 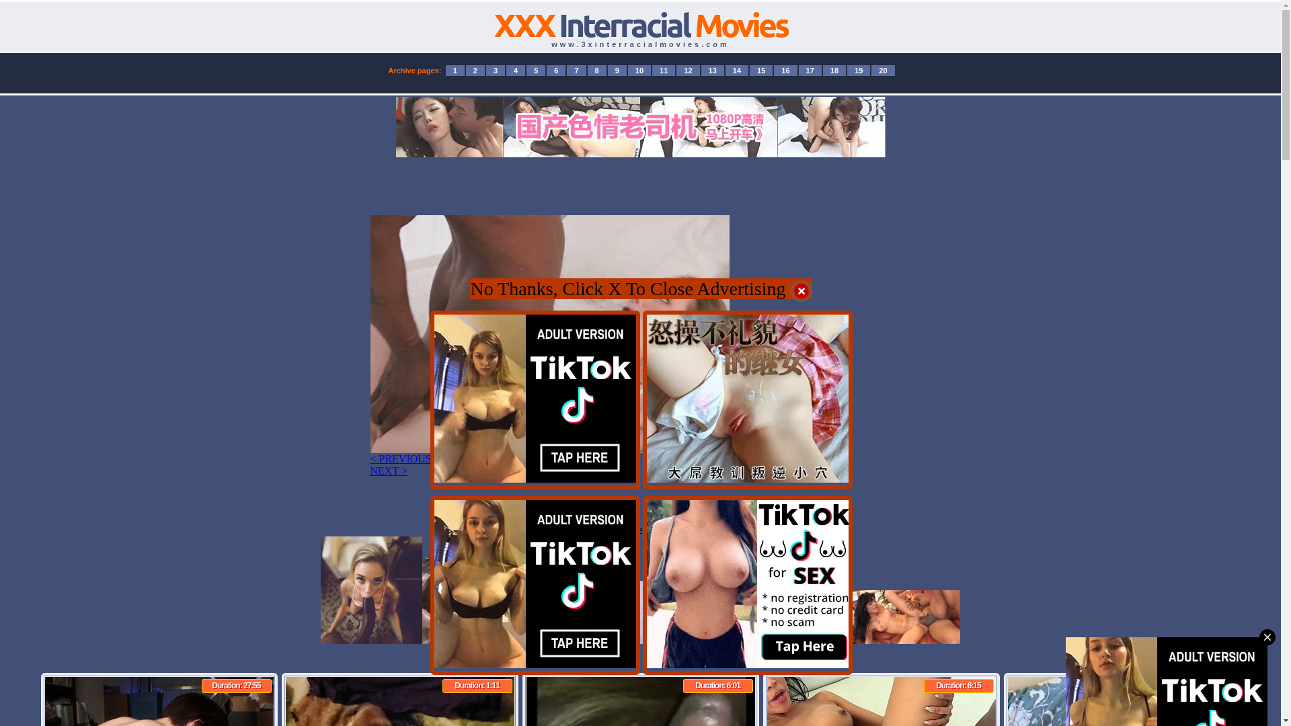 What do you see at coordinates (455, 70) in the screenshot?
I see `'1'` at bounding box center [455, 70].